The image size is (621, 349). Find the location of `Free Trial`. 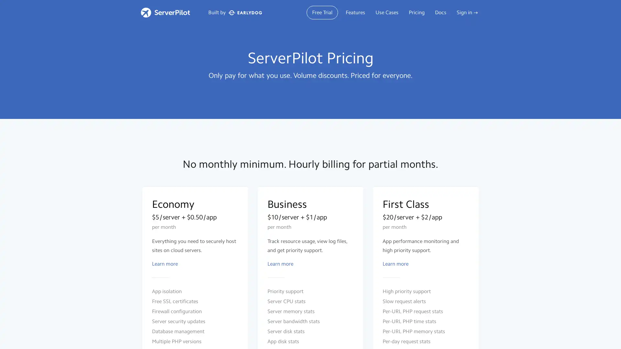

Free Trial is located at coordinates (322, 12).